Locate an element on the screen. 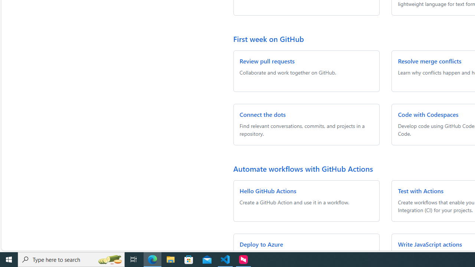 This screenshot has width=475, height=267. 'Test with Actions' is located at coordinates (421, 190).